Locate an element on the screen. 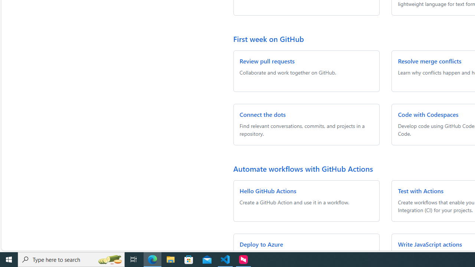 This screenshot has width=475, height=267. 'Test with Actions' is located at coordinates (421, 190).